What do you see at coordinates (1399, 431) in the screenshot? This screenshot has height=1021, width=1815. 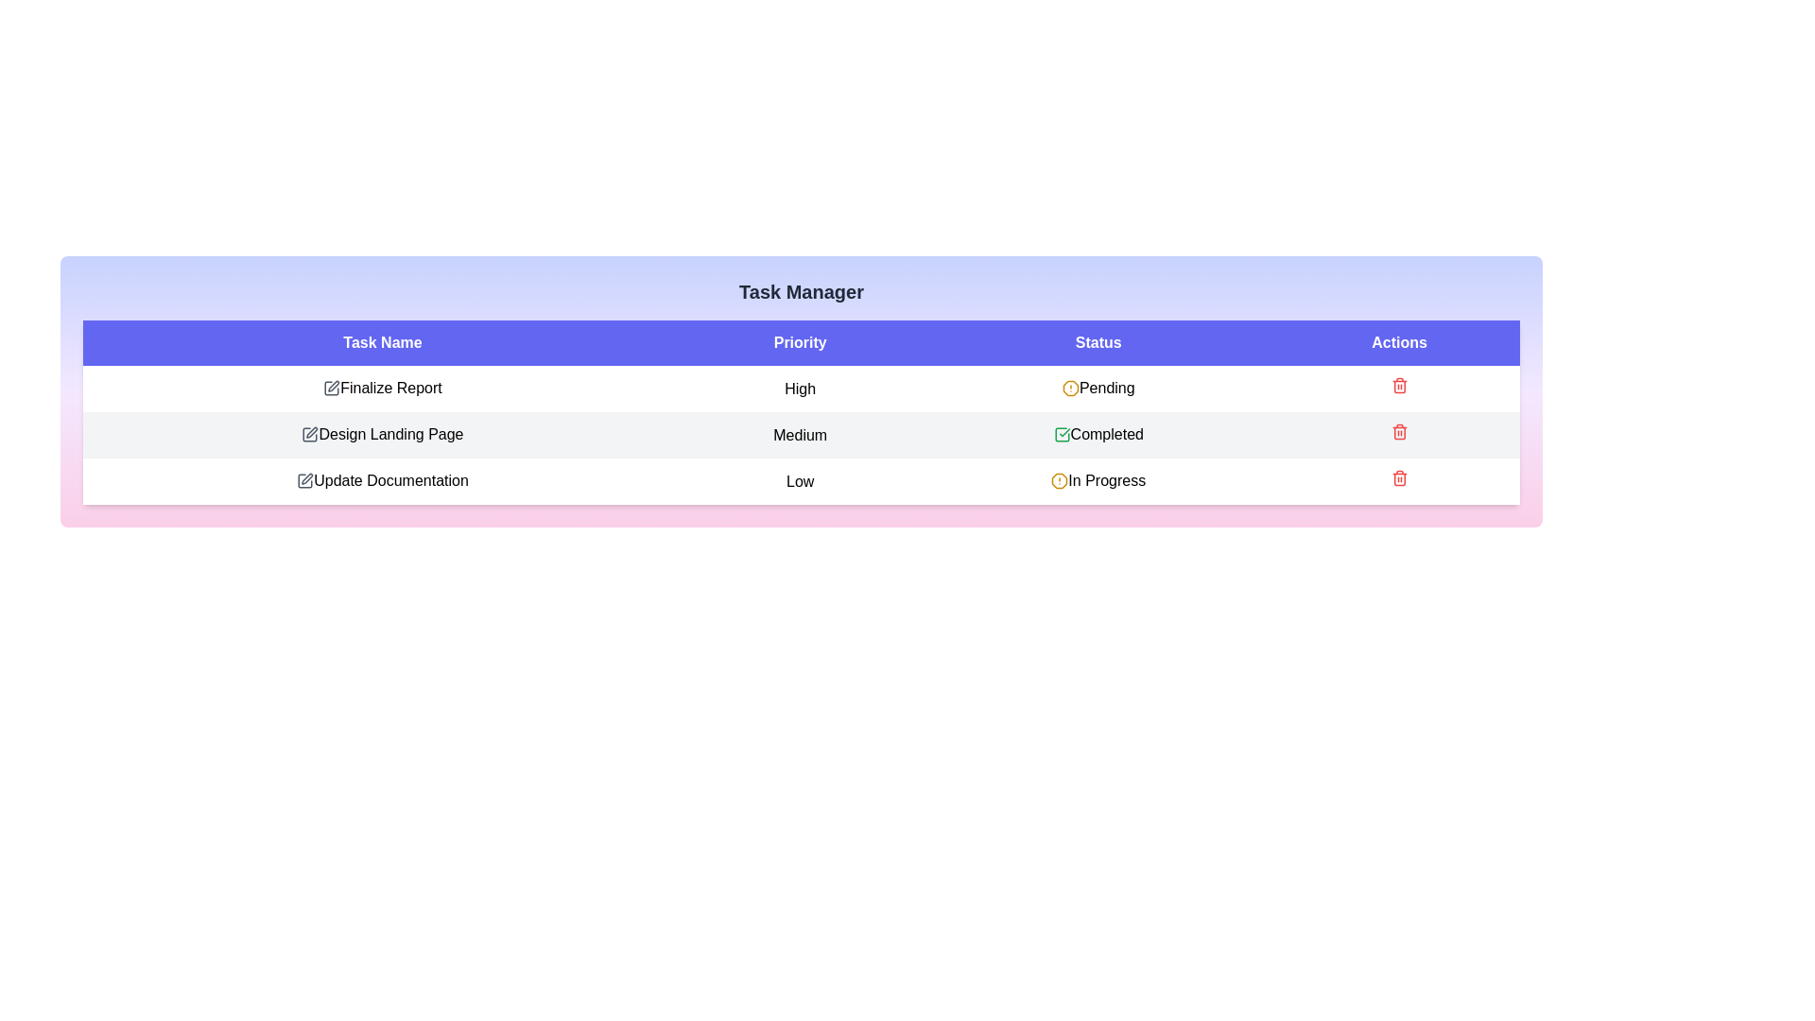 I see `the trash icon for the task with name Design Landing Page` at bounding box center [1399, 431].